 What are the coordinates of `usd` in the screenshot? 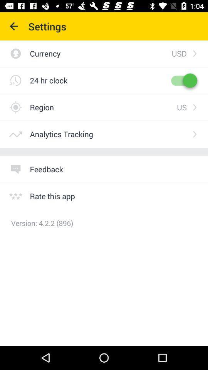 It's located at (179, 53).